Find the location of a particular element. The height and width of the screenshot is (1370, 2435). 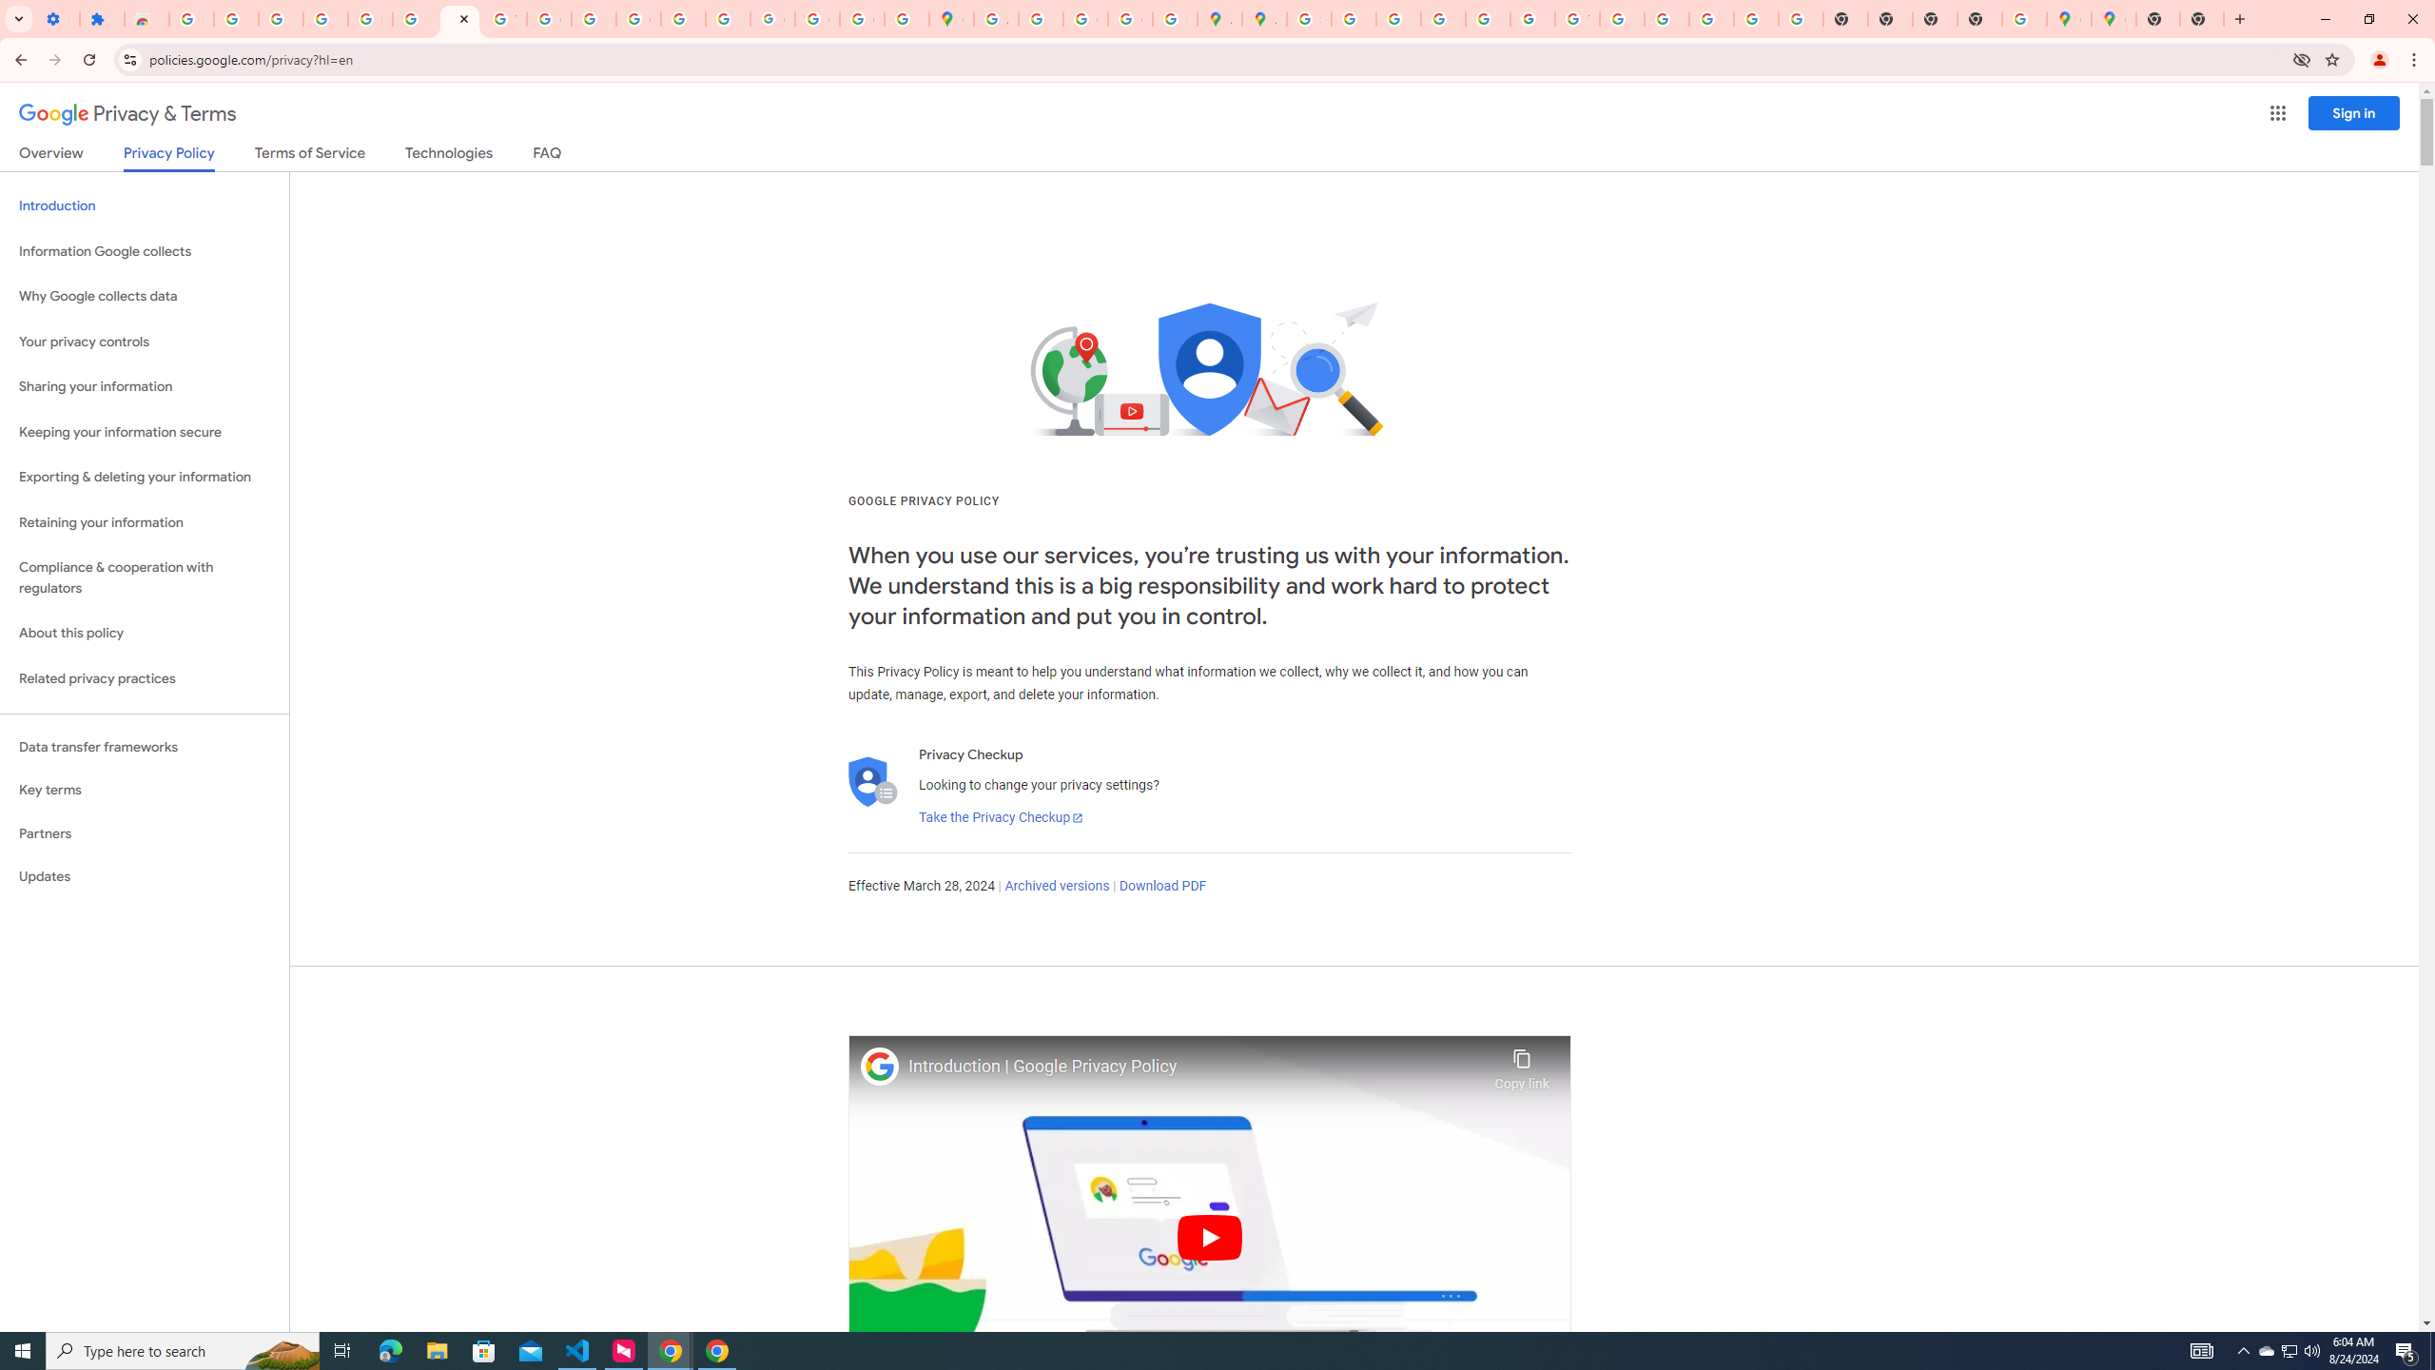

'YouTube' is located at coordinates (504, 18).